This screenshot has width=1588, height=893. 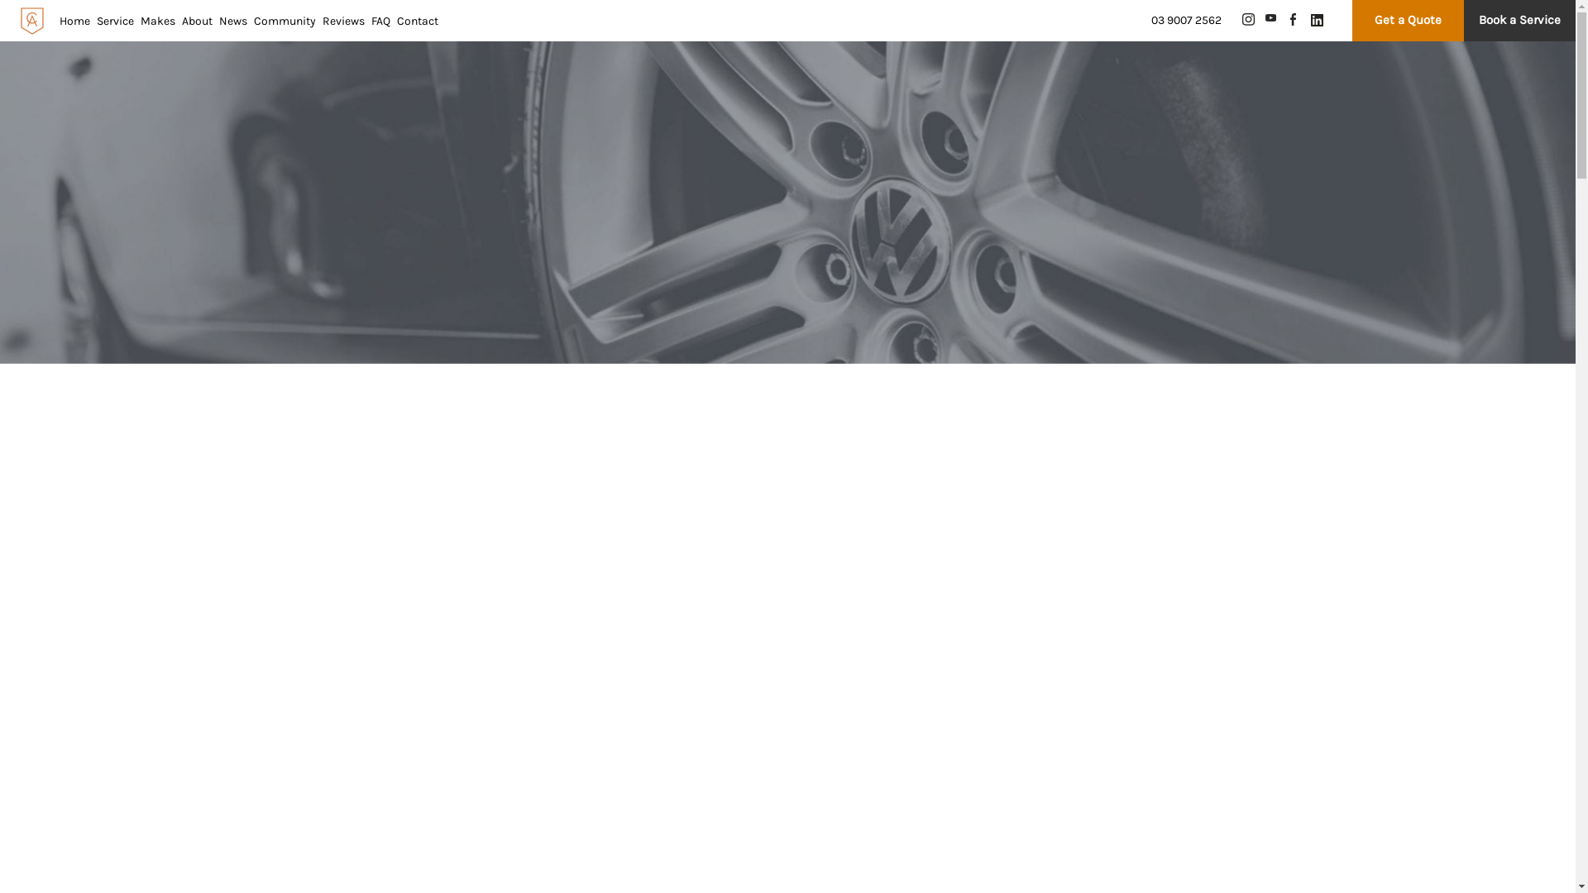 I want to click on 'FAQ', so click(x=380, y=21).